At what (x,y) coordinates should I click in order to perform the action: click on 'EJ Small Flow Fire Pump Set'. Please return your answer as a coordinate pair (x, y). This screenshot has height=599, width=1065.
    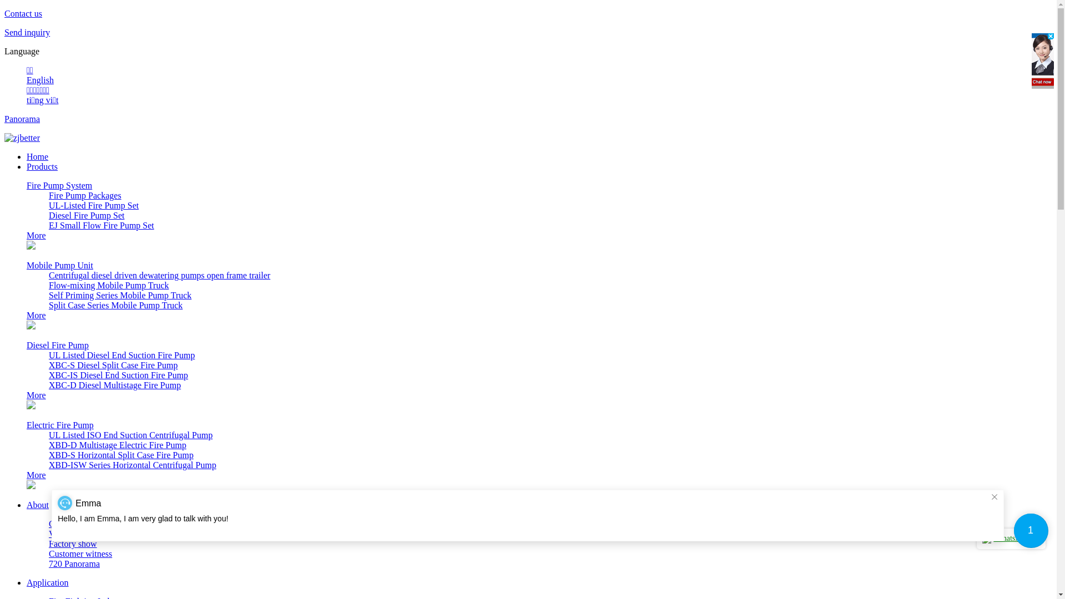
    Looking at the image, I should click on (48, 225).